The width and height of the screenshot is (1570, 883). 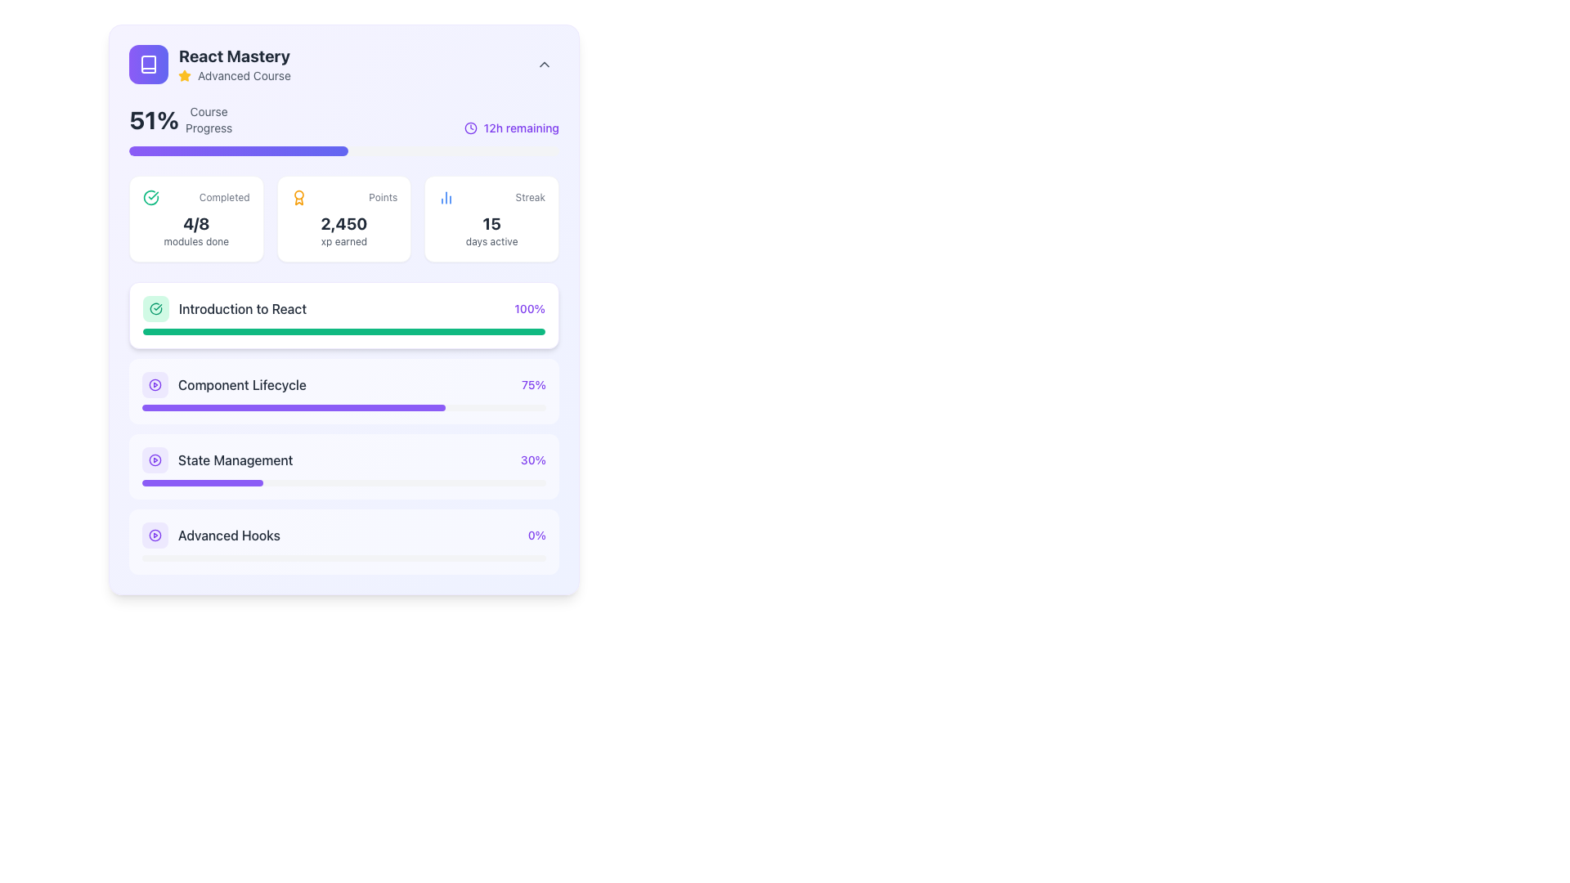 What do you see at coordinates (155, 384) in the screenshot?
I see `the outer circle of the 'play' icon, which is violet in color and positioned to the left of the 'State Management' label in the progress list section` at bounding box center [155, 384].